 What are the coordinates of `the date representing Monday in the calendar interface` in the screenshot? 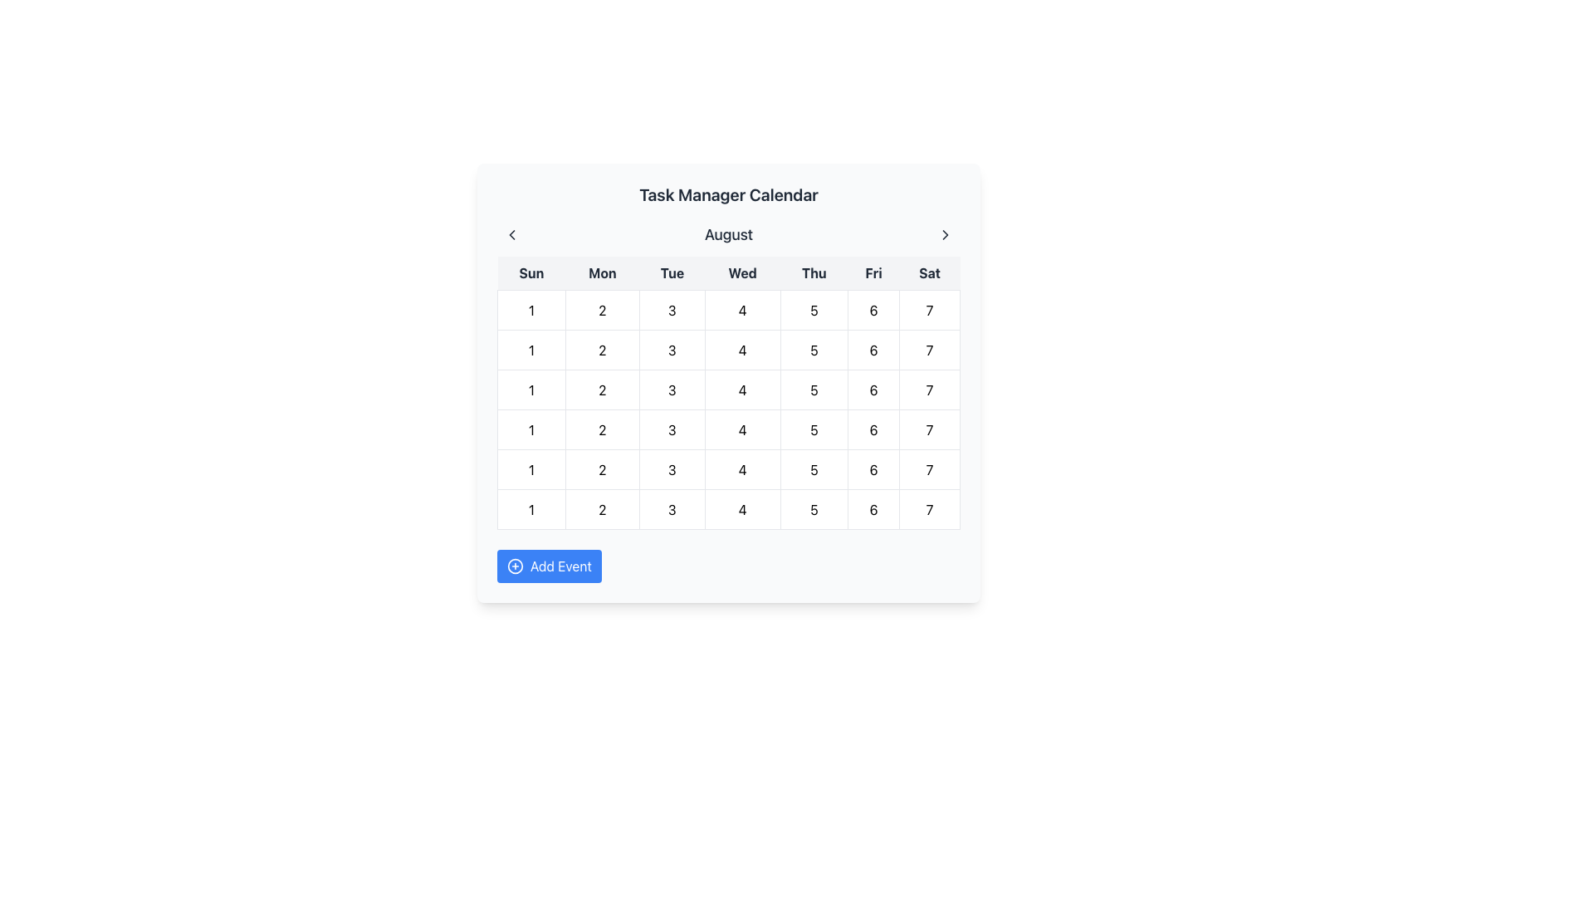 It's located at (601, 310).